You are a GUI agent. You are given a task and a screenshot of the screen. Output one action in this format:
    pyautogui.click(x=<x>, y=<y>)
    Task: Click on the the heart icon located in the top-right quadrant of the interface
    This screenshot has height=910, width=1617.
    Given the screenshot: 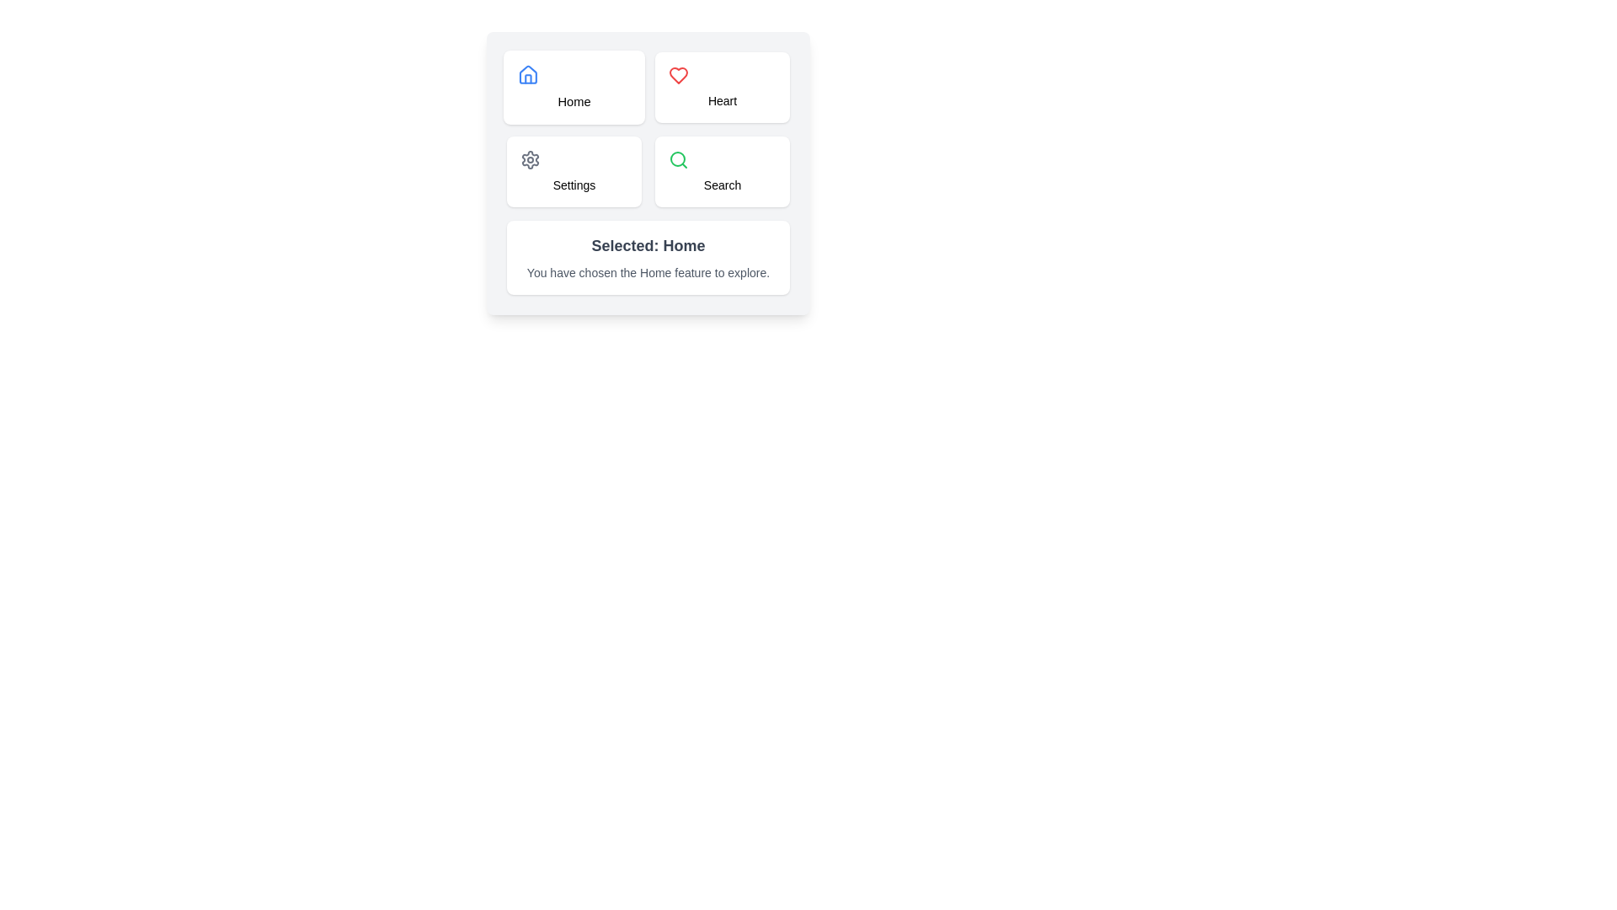 What is the action you would take?
    pyautogui.click(x=679, y=74)
    